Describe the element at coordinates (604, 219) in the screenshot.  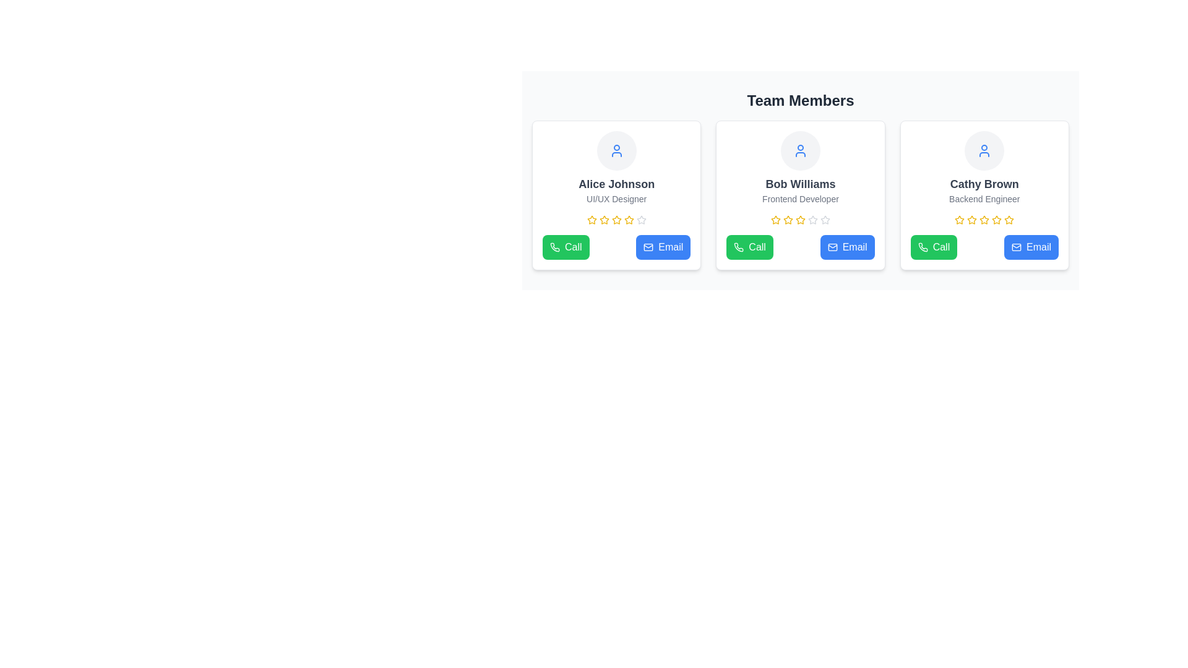
I see `the third star icon` at that location.